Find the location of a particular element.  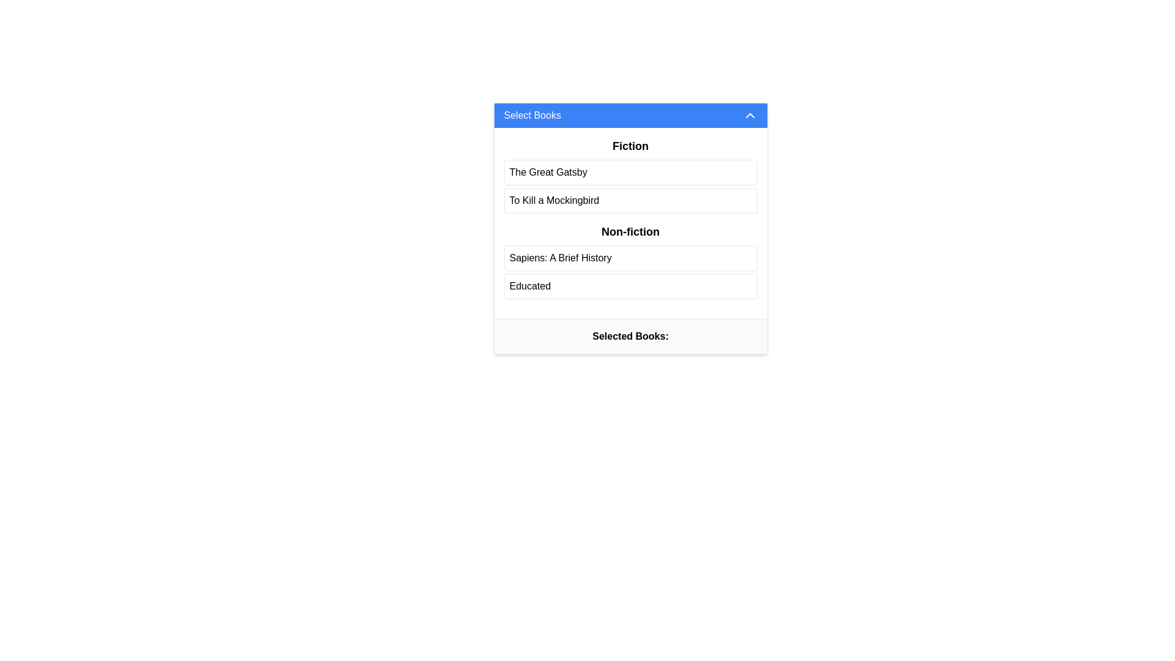

the button labeled 'The Great Gatsby' with a white background and gray borders is located at coordinates (630, 172).